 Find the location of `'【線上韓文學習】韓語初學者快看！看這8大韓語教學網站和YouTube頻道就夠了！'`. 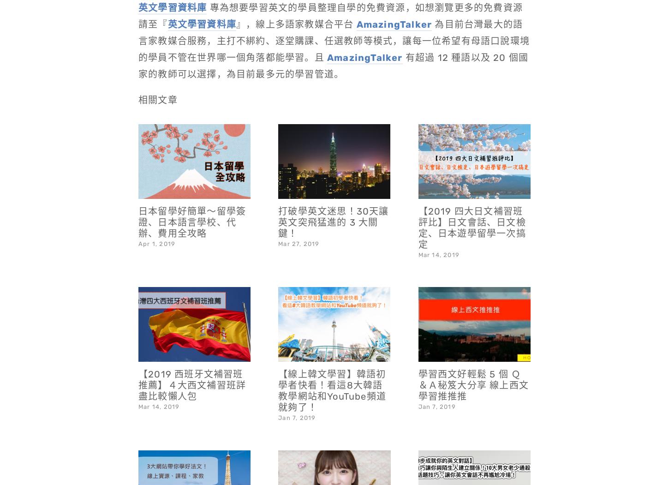

'【線上韓文學習】韓語初學者快看！看這8大韓語教學網站和YouTube頻道就夠了！' is located at coordinates (332, 366).